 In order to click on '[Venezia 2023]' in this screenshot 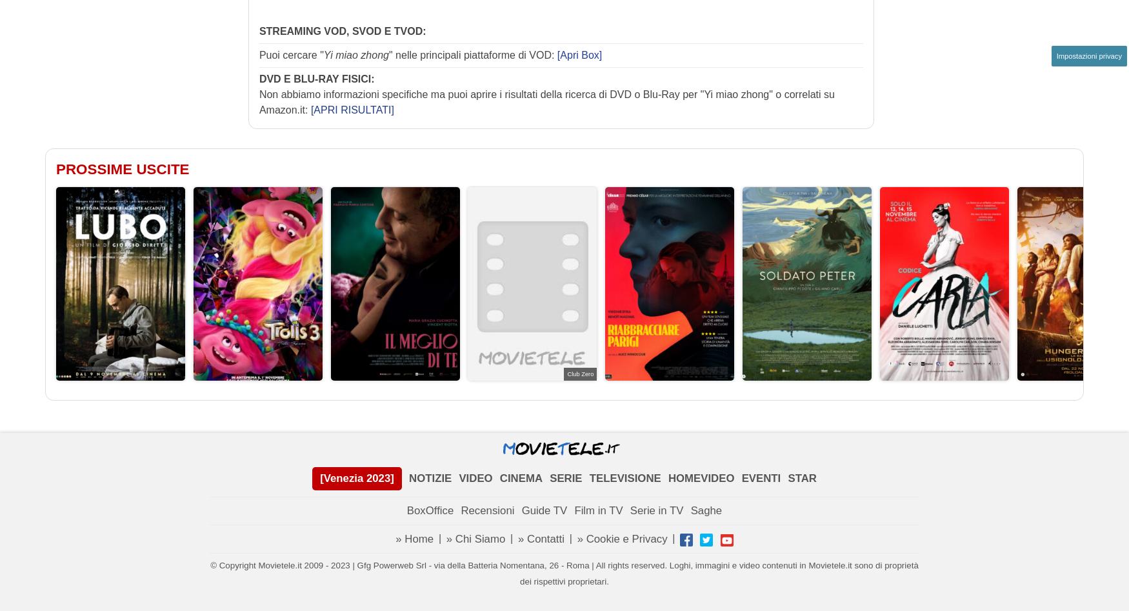, I will do `click(356, 477)`.